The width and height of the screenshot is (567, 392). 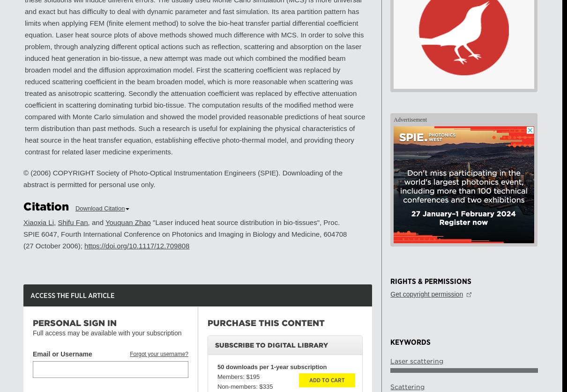 I want to click on 'SUBSCRIBE TO DIGITAL LIBRARY', so click(x=271, y=345).